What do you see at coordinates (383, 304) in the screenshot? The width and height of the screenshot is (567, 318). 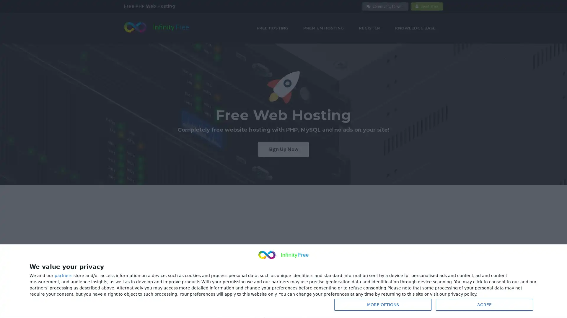 I see `MORE OPTIONS` at bounding box center [383, 304].